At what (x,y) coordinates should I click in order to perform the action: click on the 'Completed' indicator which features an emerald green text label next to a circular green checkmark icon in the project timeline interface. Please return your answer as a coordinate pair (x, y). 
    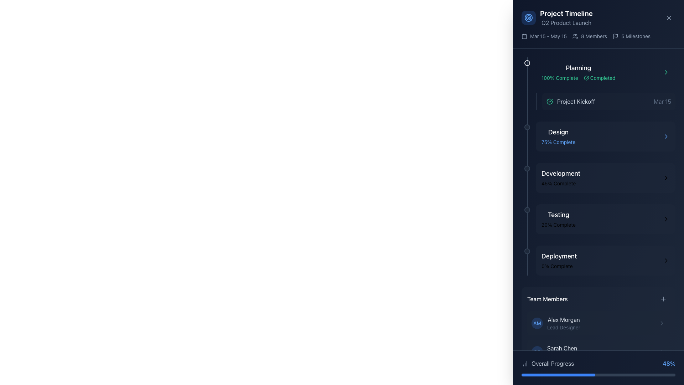
    Looking at the image, I should click on (599, 78).